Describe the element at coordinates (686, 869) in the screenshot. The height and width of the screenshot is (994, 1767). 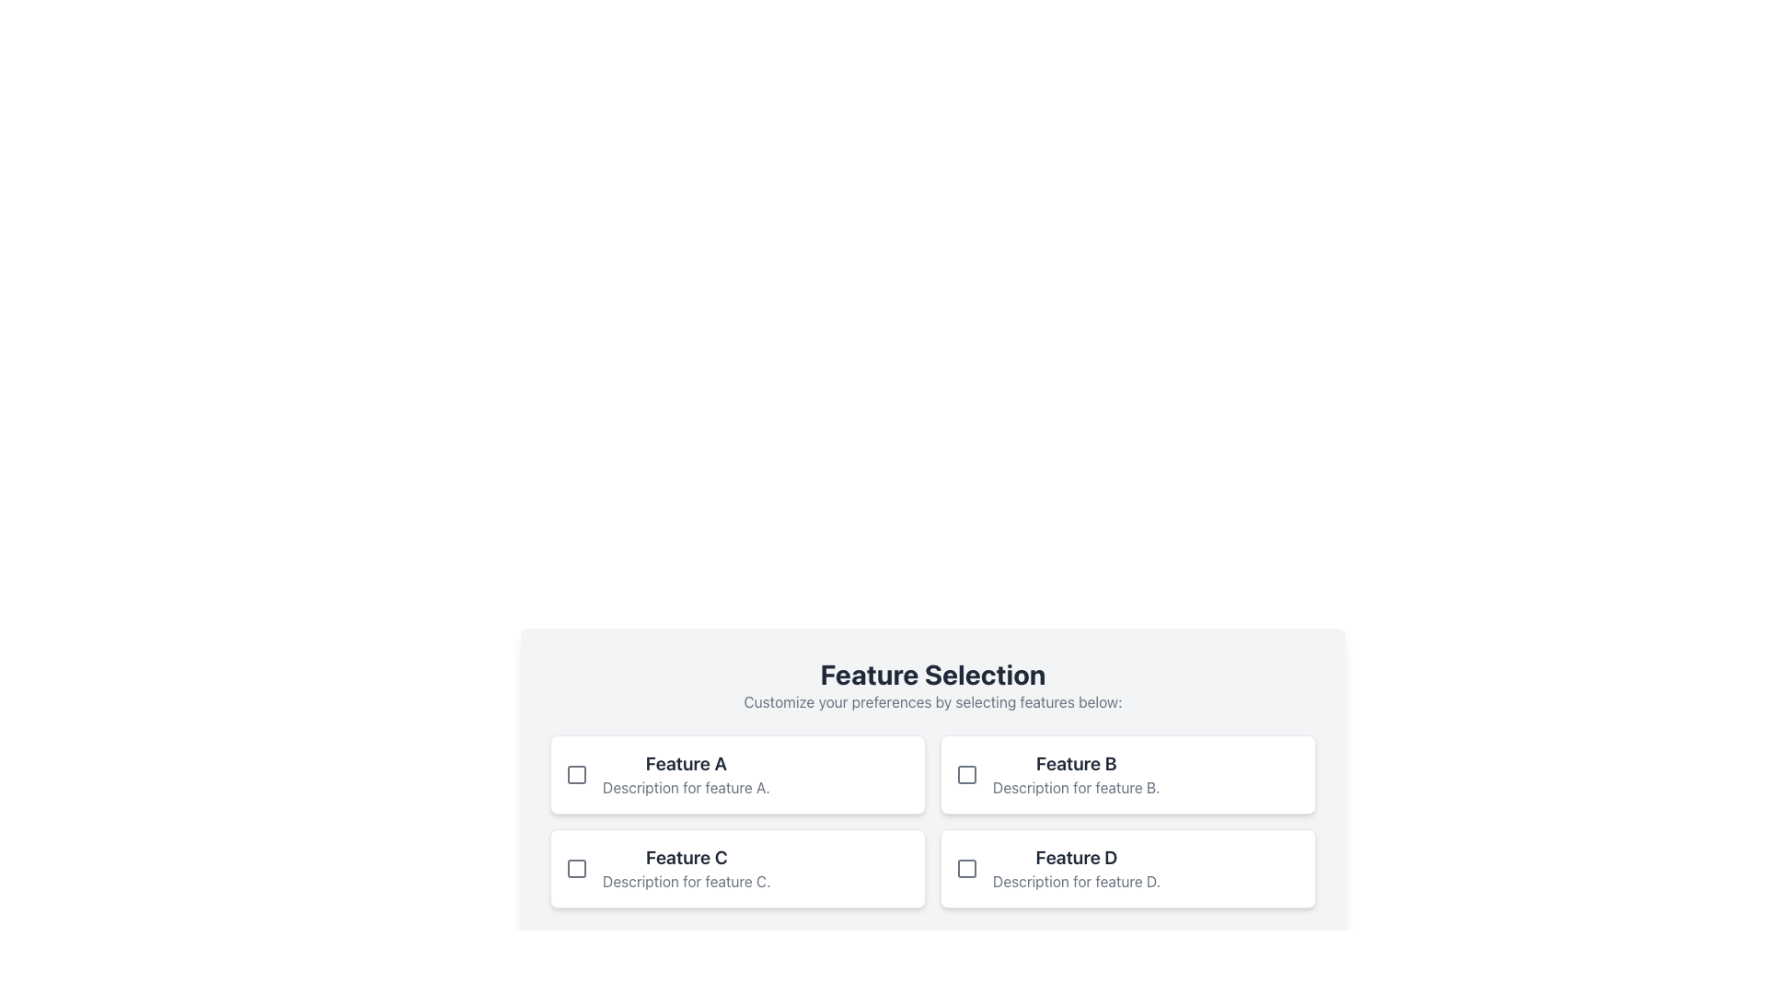
I see `the Text Display element labeled 'Feature C', which features the title in bold and a description underneath, positioned in the 'Feature Selection' grid layout` at that location.